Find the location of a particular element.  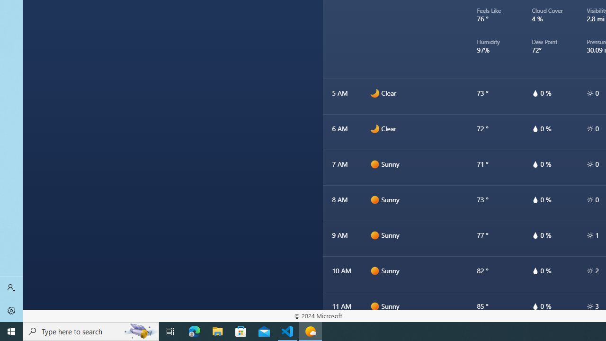

'File Explorer' is located at coordinates (217, 331).